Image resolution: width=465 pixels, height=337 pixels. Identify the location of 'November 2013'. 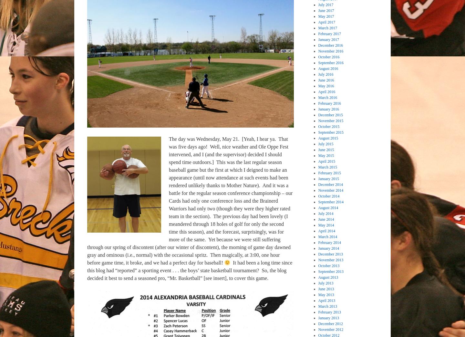
(330, 260).